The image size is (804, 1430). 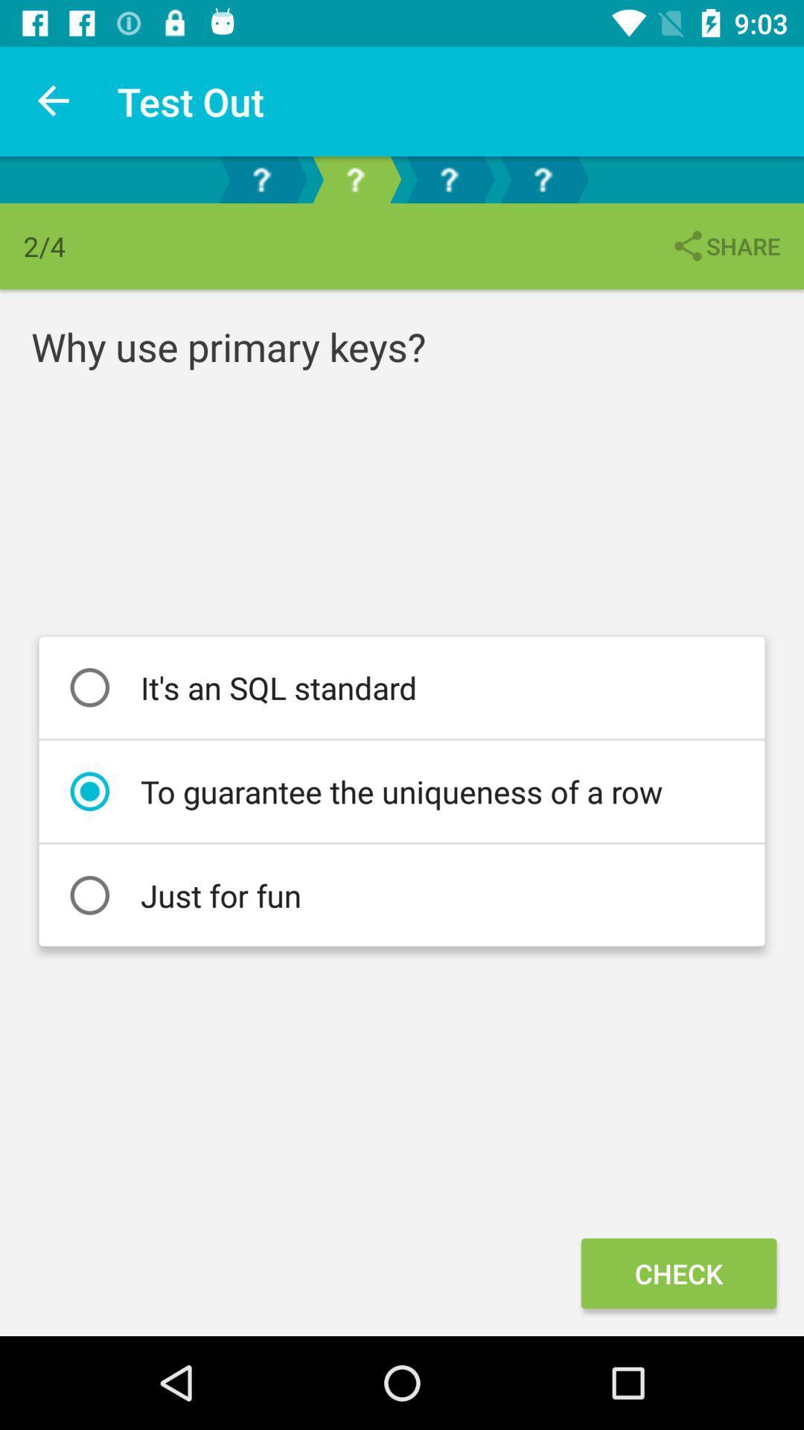 What do you see at coordinates (261, 179) in the screenshot?
I see `previous question` at bounding box center [261, 179].